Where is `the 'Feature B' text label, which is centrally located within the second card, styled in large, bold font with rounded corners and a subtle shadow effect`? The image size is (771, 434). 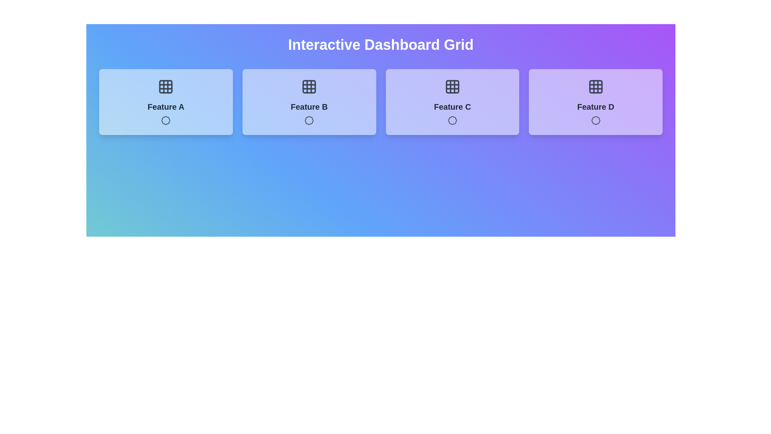 the 'Feature B' text label, which is centrally located within the second card, styled in large, bold font with rounded corners and a subtle shadow effect is located at coordinates (309, 106).